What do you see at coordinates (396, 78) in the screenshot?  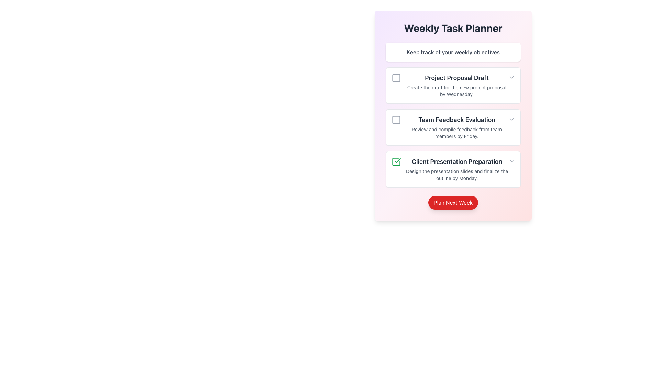 I see `the square checkbox or indicator located in the leftmost area of the 'Project Proposal Draft' task` at bounding box center [396, 78].